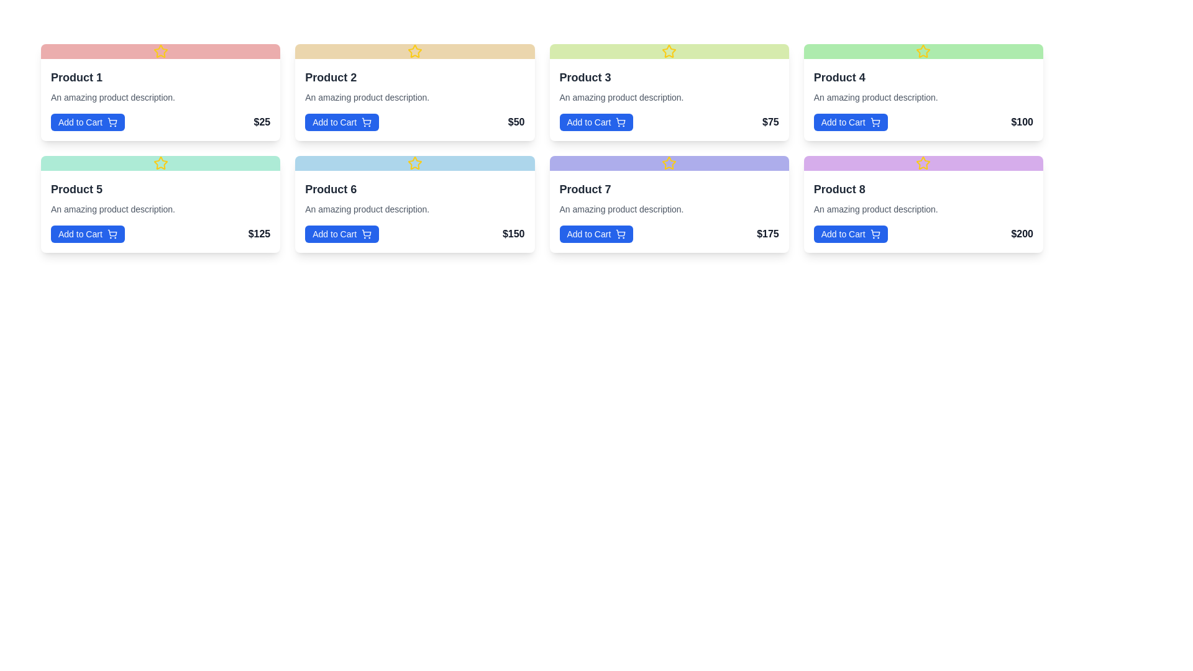  Describe the element at coordinates (850, 234) in the screenshot. I see `the 'Add to Cart' button located at the bottom of the 'Product 8' card, which is horizontally centered beneath the description text and beside the price ($200)` at that location.